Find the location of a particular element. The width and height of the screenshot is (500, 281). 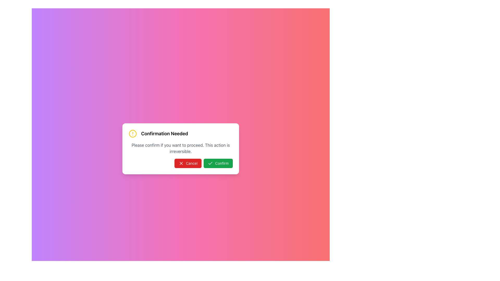

the checkmark icon within the 'Confirm' button at the bottom-right of the dialog box is located at coordinates (210, 163).